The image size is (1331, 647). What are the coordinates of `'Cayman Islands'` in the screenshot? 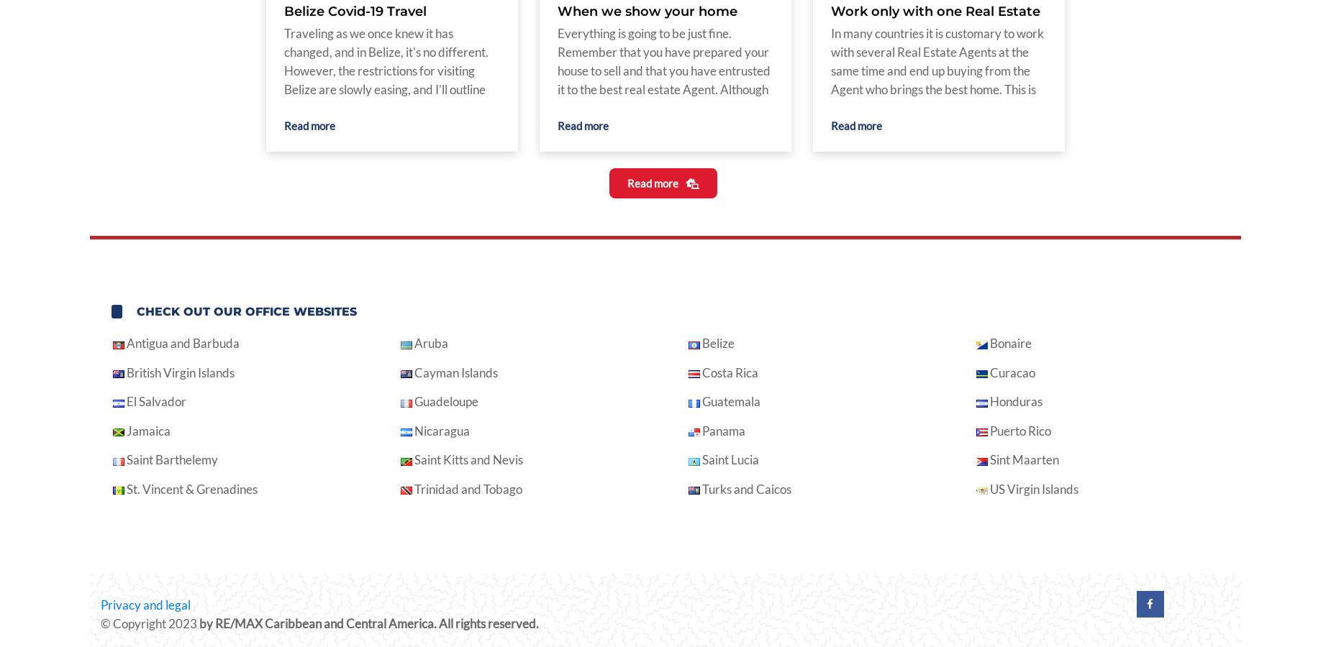 It's located at (412, 371).